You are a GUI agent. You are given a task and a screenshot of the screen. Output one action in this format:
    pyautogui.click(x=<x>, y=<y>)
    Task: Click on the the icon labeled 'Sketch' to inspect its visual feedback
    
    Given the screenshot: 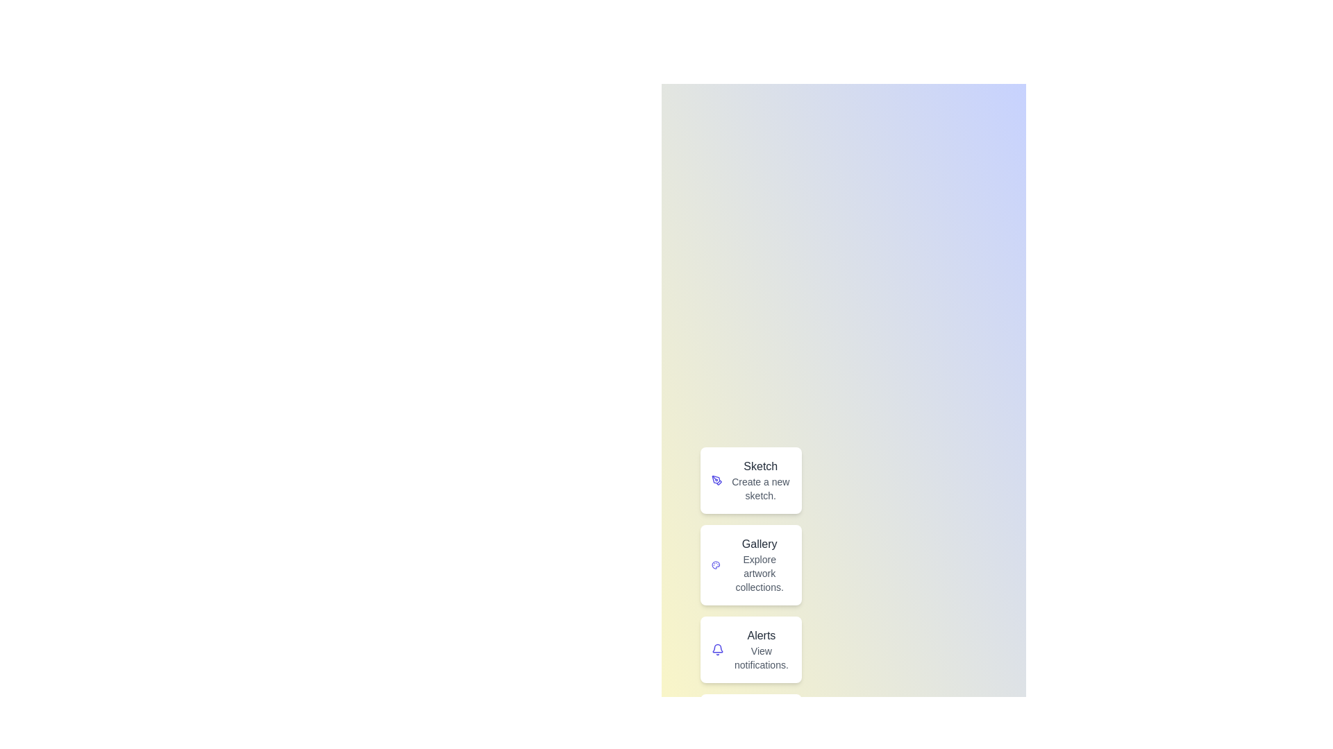 What is the action you would take?
    pyautogui.click(x=716, y=480)
    